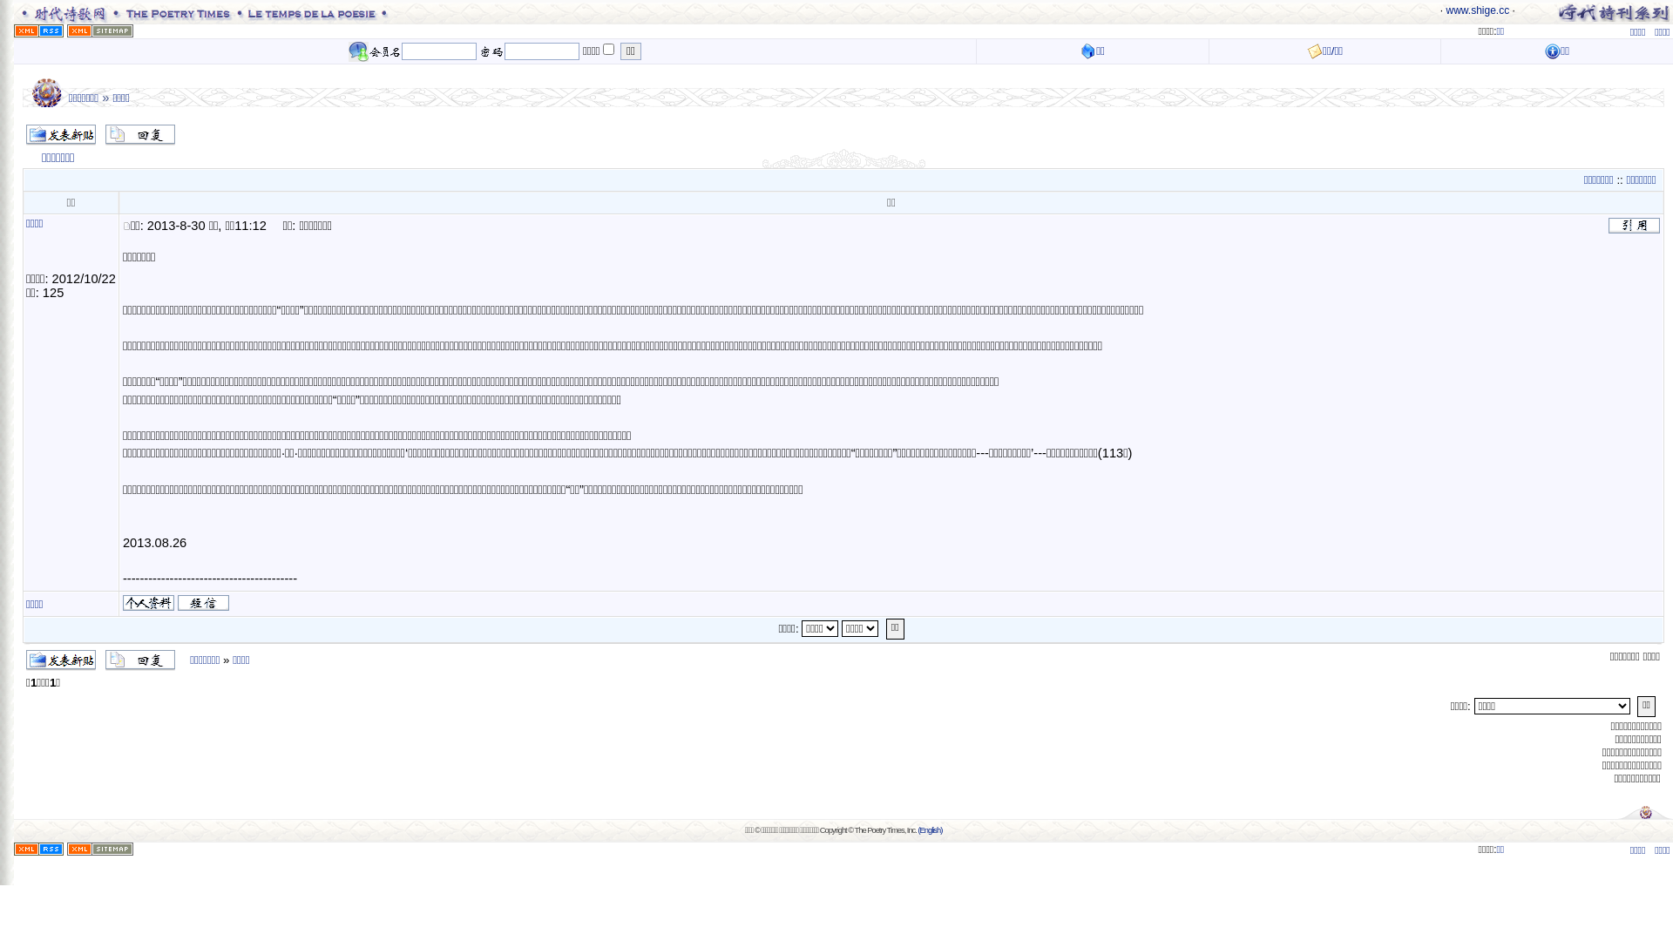 The height and width of the screenshot is (941, 1673). Describe the element at coordinates (1476, 10) in the screenshot. I see `'www.shige.cc'` at that location.